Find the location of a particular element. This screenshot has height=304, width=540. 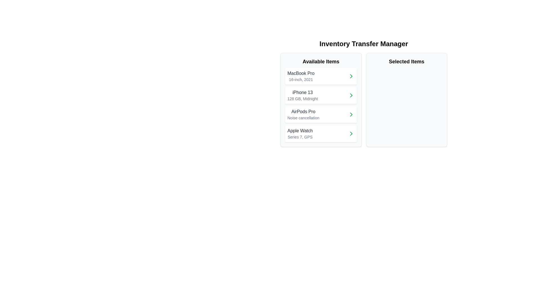

the label text identifying the product 'iPhone 13' located in the second card of the left column titled 'Available Items' is located at coordinates (302, 92).